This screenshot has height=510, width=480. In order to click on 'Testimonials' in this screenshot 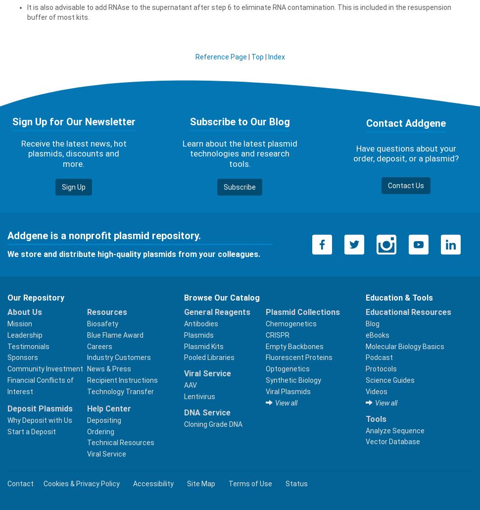, I will do `click(28, 346)`.